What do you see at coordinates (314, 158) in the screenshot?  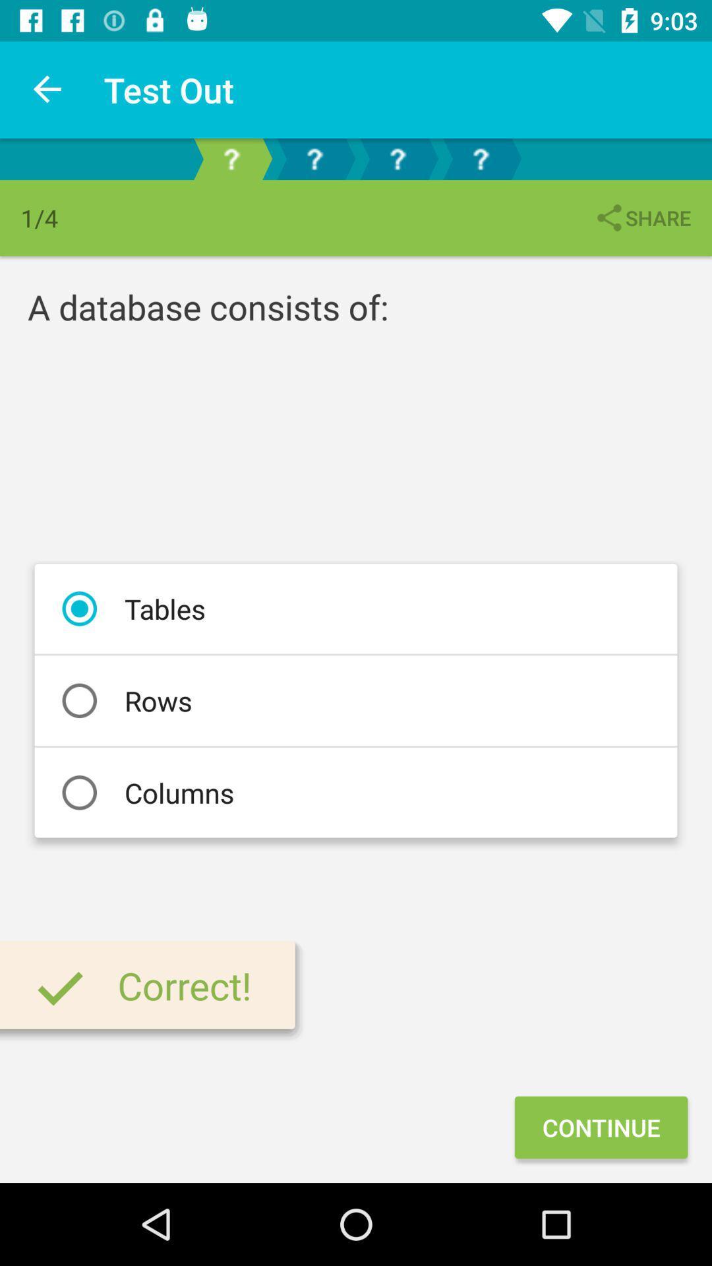 I see `question mark option` at bounding box center [314, 158].